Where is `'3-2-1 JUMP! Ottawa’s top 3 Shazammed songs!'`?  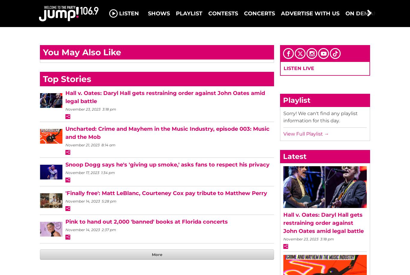 '3-2-1 JUMP! Ottawa’s top 3 Shazammed songs!' is located at coordinates (176, 104).